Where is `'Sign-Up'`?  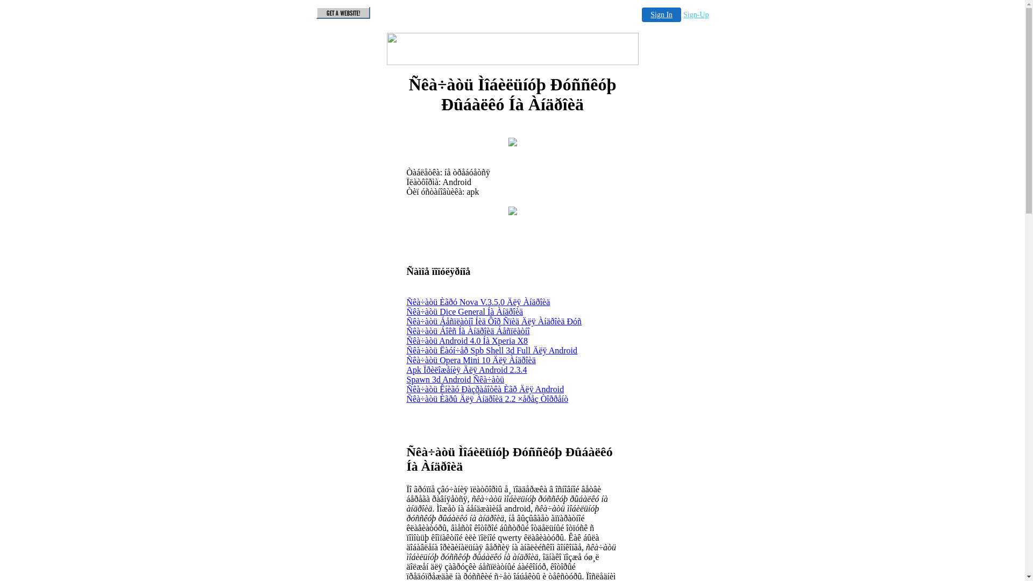 'Sign-Up' is located at coordinates (696, 15).